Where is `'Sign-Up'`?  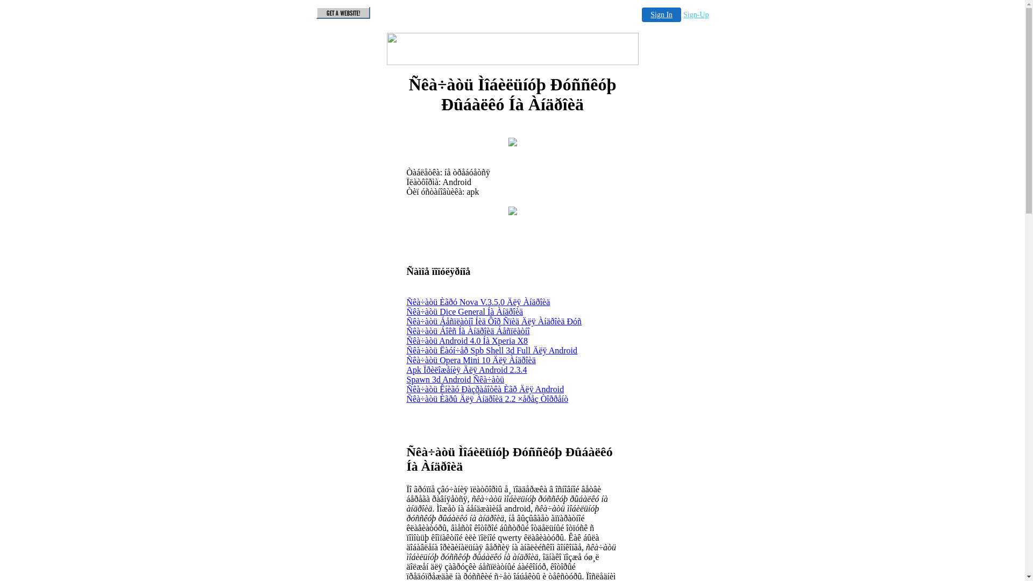 'Sign-Up' is located at coordinates (696, 15).